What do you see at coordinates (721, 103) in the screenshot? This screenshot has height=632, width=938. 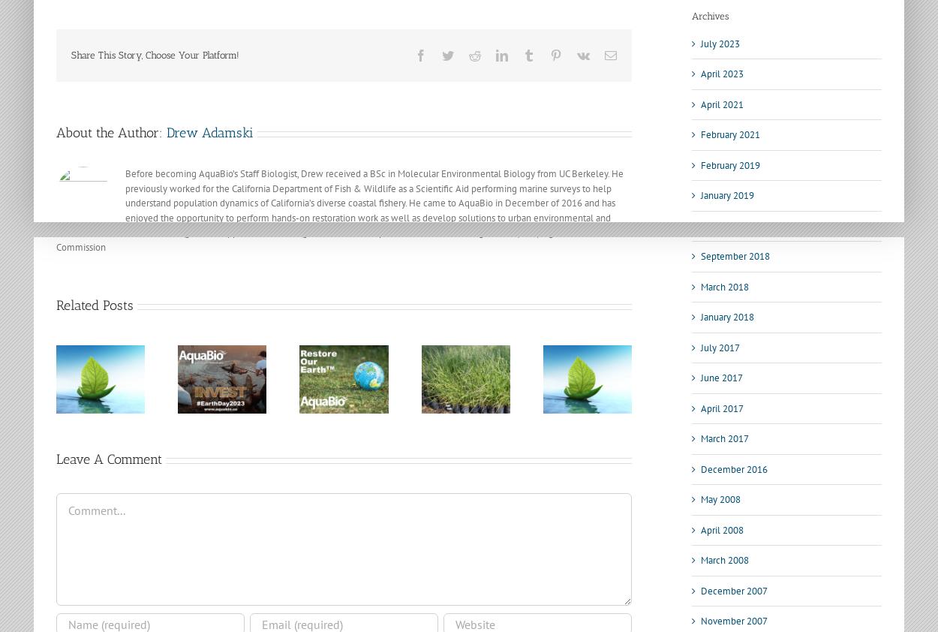 I see `'April 2021'` at bounding box center [721, 103].